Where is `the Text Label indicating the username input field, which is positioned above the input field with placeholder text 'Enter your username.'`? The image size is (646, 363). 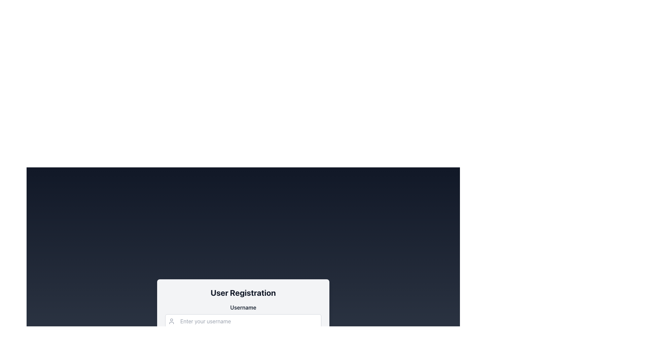
the Text Label indicating the username input field, which is positioned above the input field with placeholder text 'Enter your username.' is located at coordinates (243, 307).